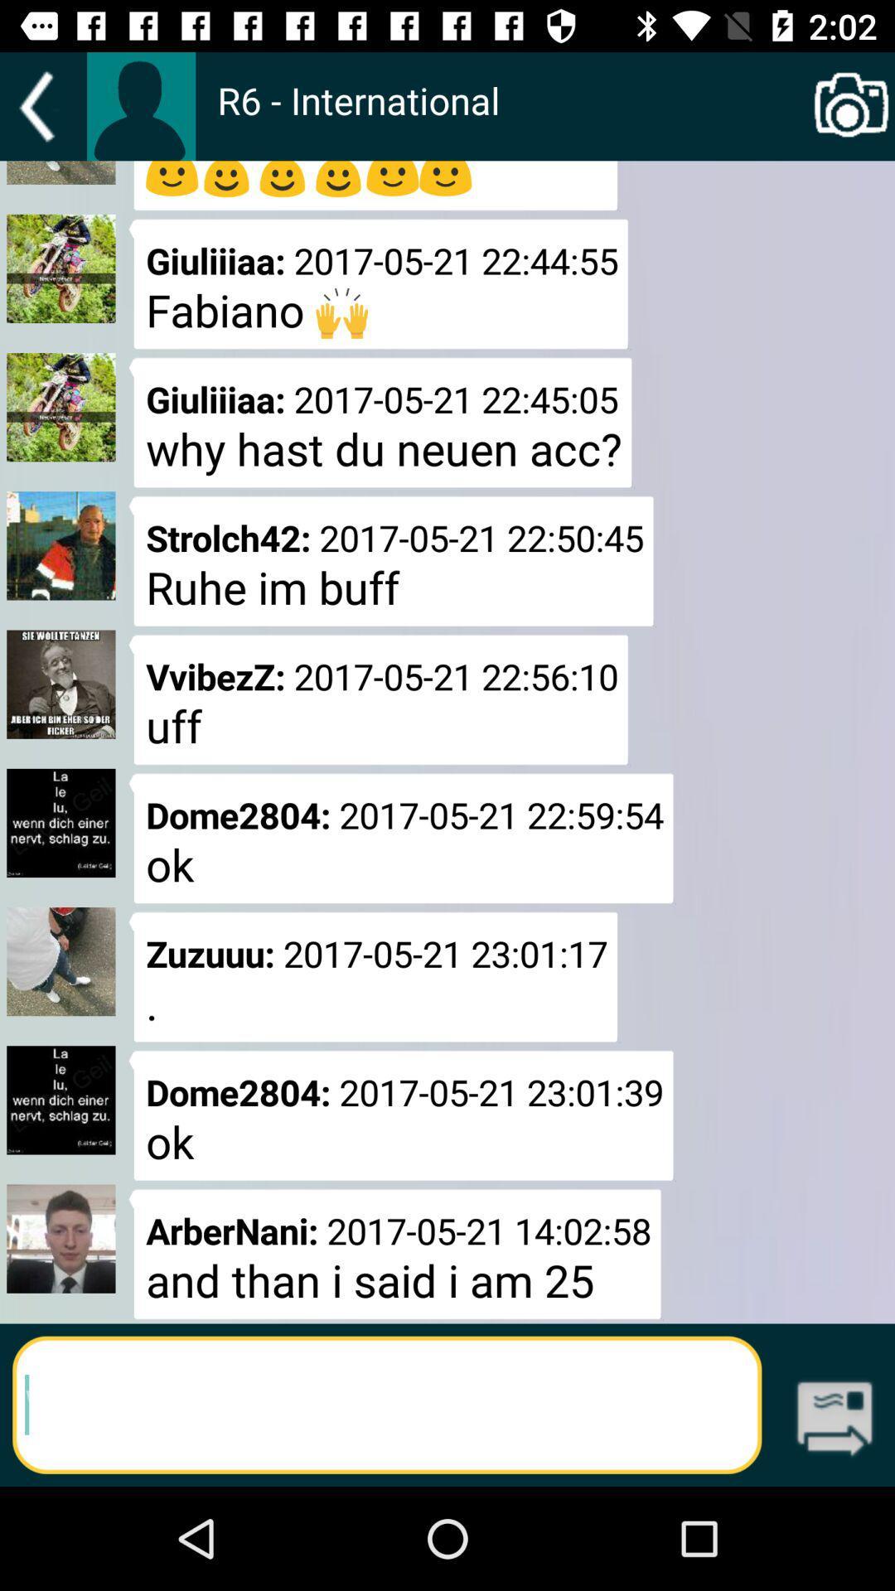 The width and height of the screenshot is (895, 1591). What do you see at coordinates (835, 1419) in the screenshot?
I see `send message` at bounding box center [835, 1419].